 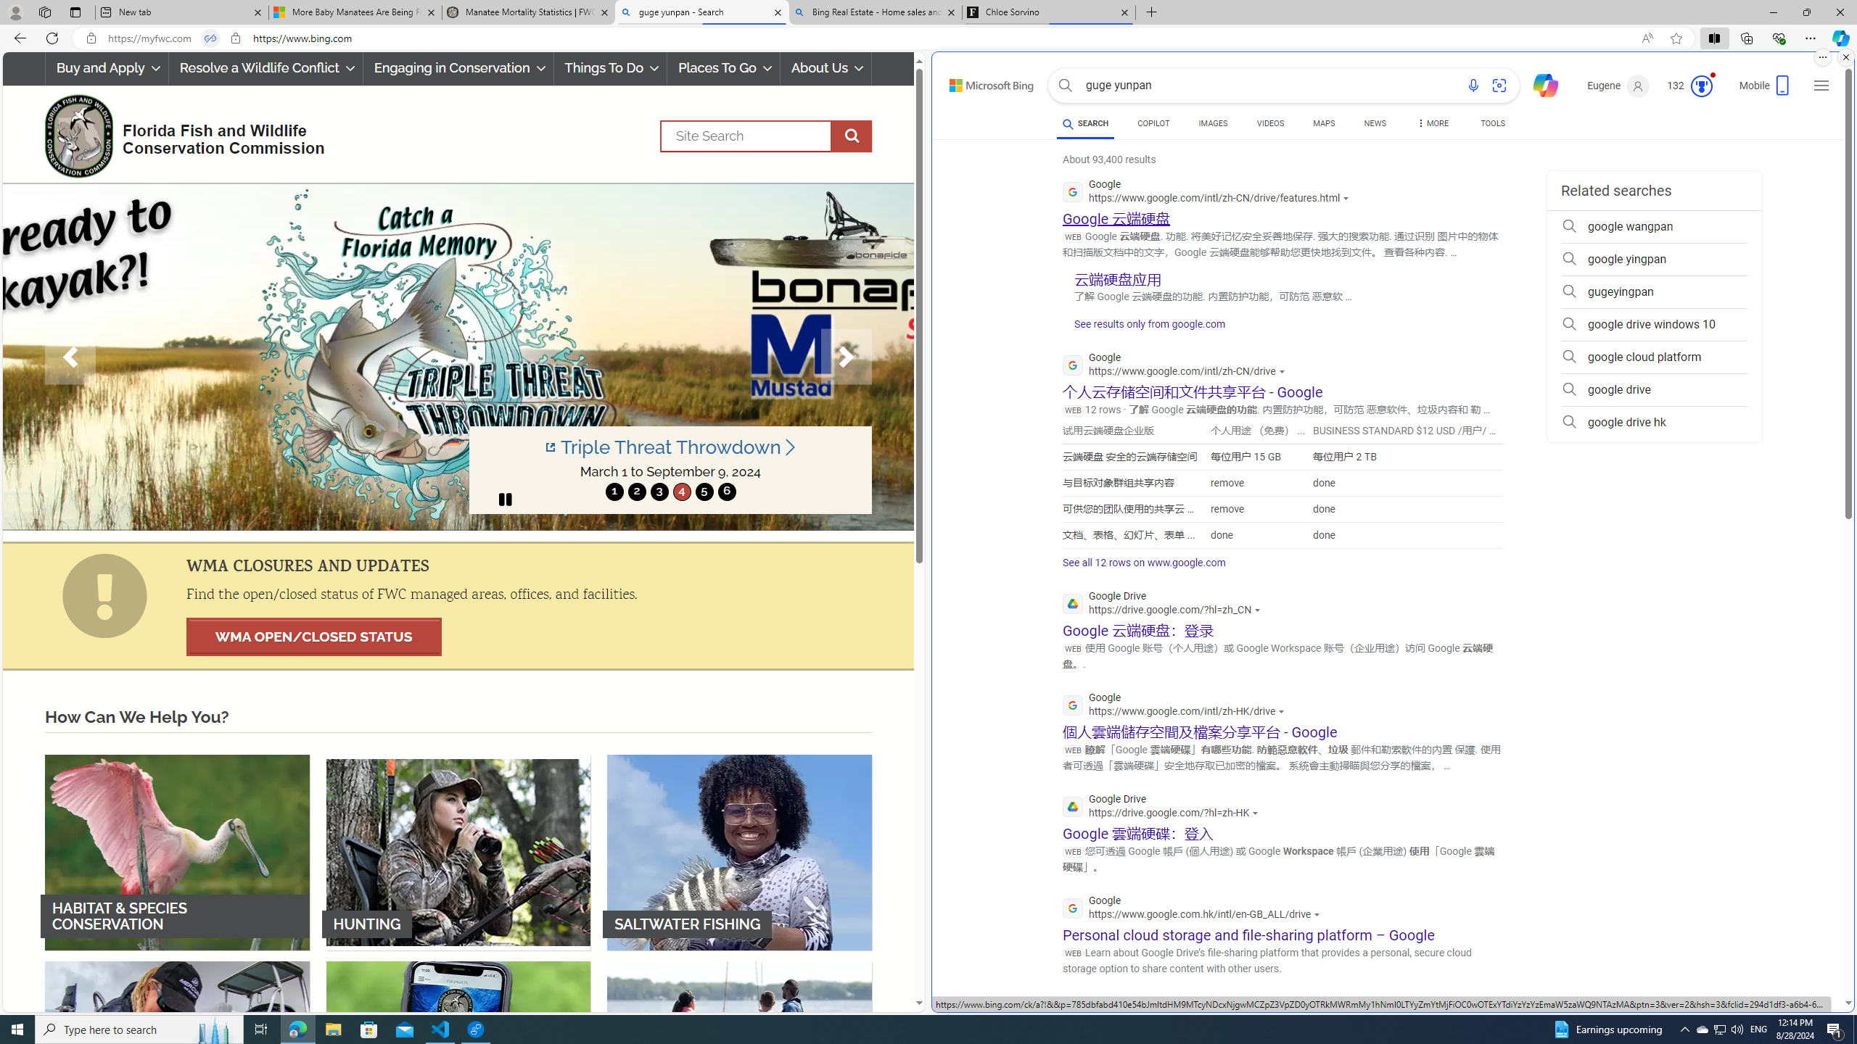 What do you see at coordinates (529, 12) in the screenshot?
I see `'Manatee Mortality Statistics | FWC'` at bounding box center [529, 12].